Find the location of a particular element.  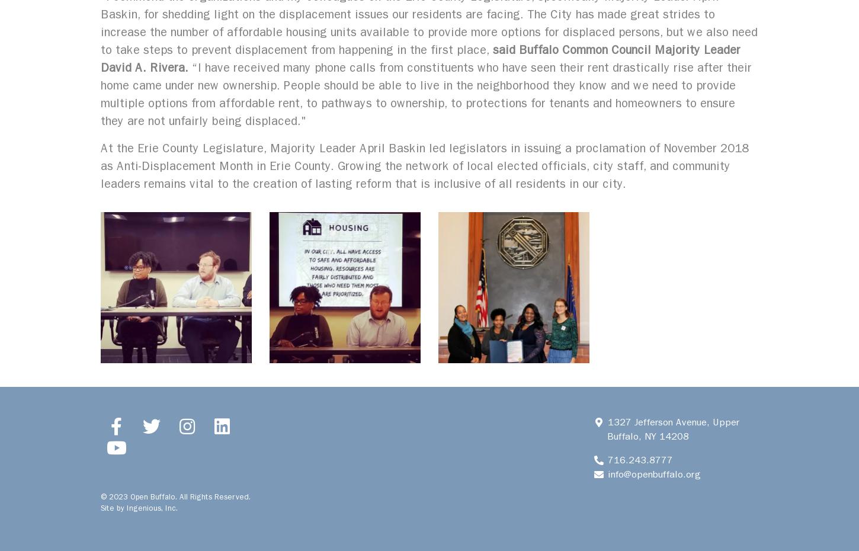

'“I have received many phone calls from constituents who have seen their rent drastically rise after their home came under new ownership. People should be able to live in the neighborhood they know and we need to provide multiple options from affordable rent, to pathways to ownership, to protections for tenants and homeowners to ensure they are not unfairly being displaced."' is located at coordinates (425, 94).